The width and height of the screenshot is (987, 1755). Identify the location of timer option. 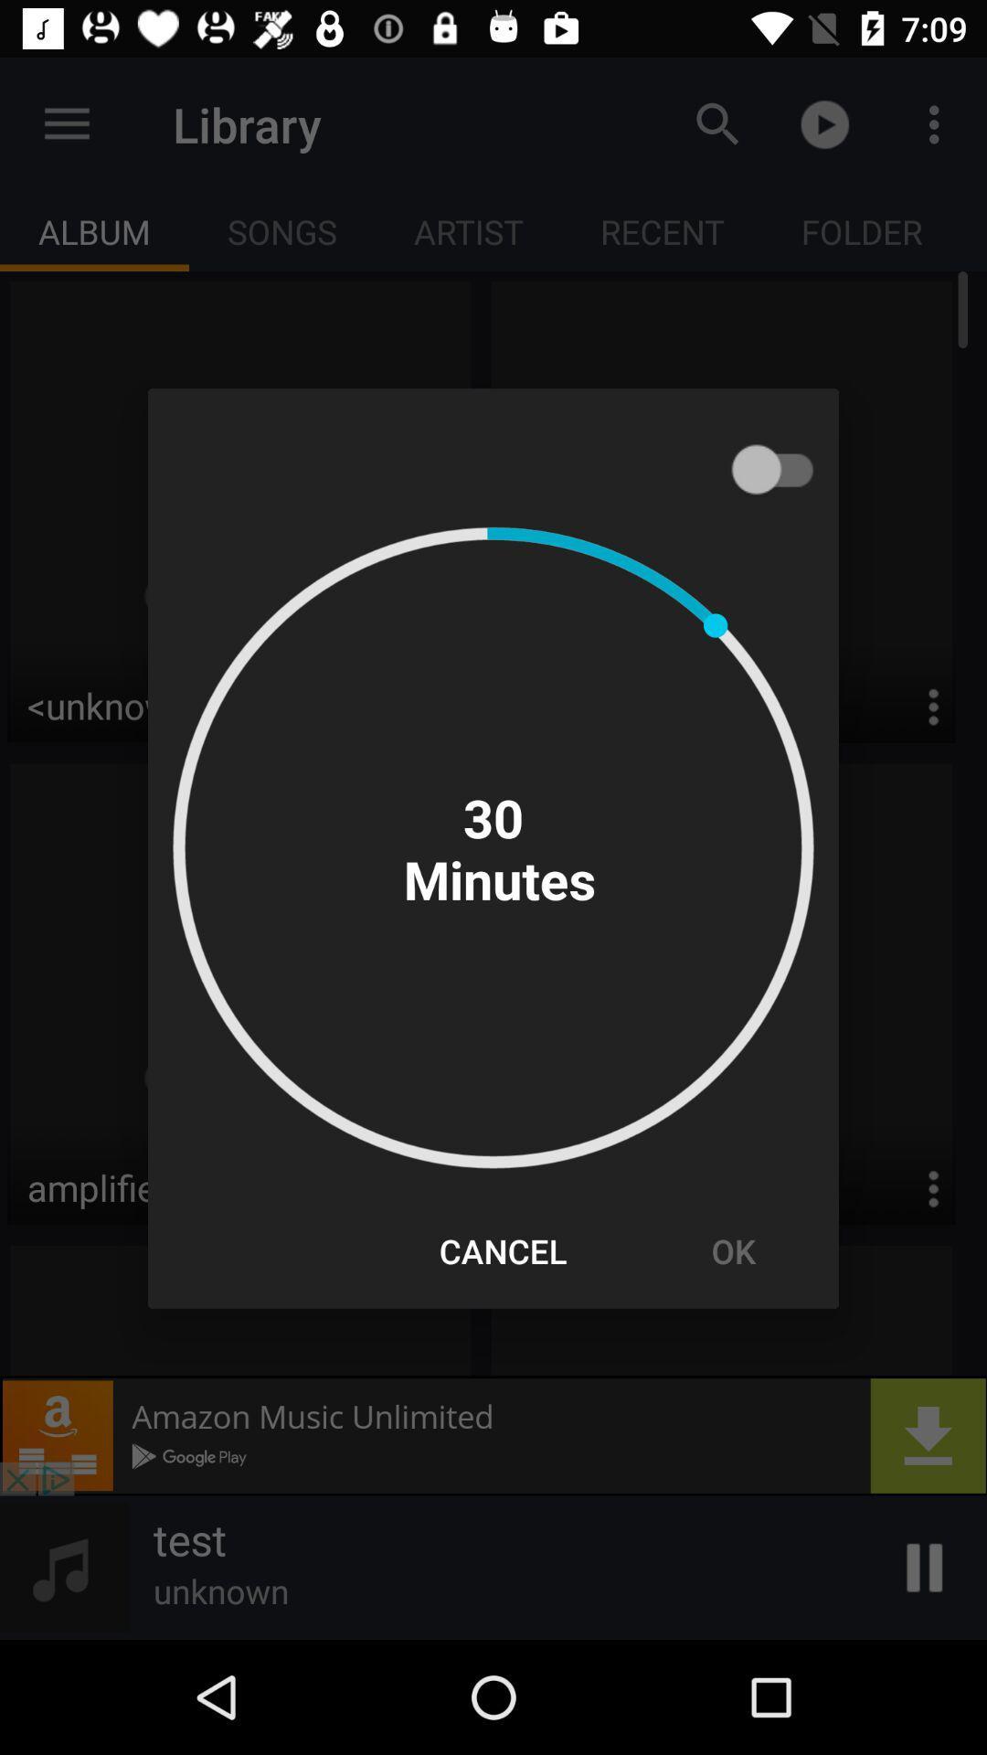
(781, 469).